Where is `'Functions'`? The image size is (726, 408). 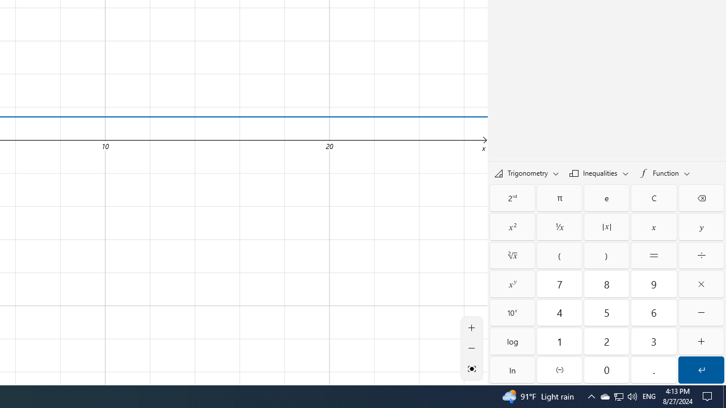 'Functions' is located at coordinates (664, 173).